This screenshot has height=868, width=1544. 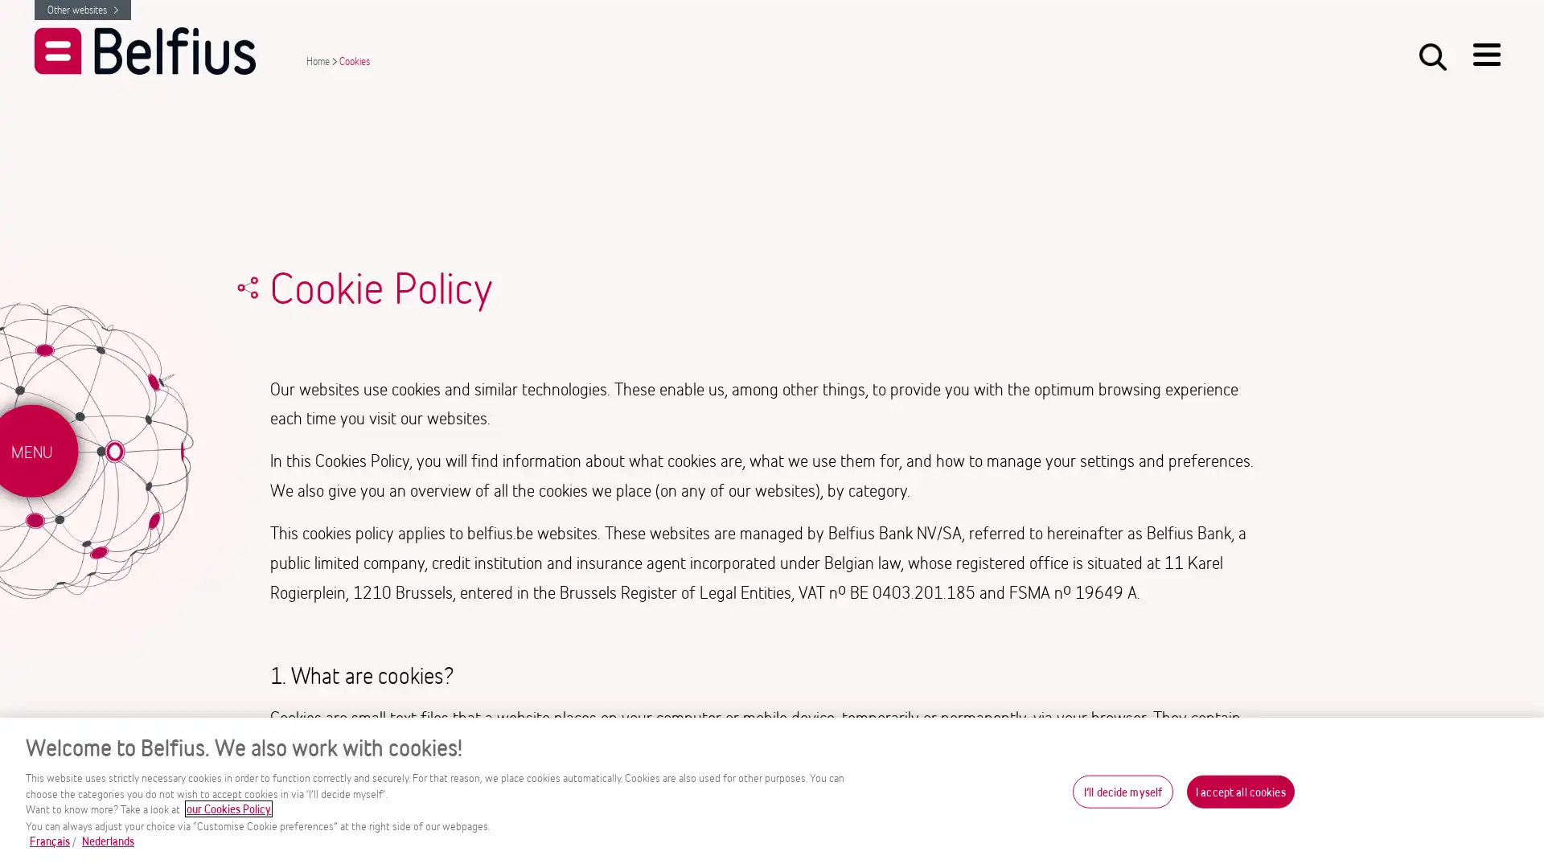 I want to click on Ill decide myself, so click(x=1122, y=790).